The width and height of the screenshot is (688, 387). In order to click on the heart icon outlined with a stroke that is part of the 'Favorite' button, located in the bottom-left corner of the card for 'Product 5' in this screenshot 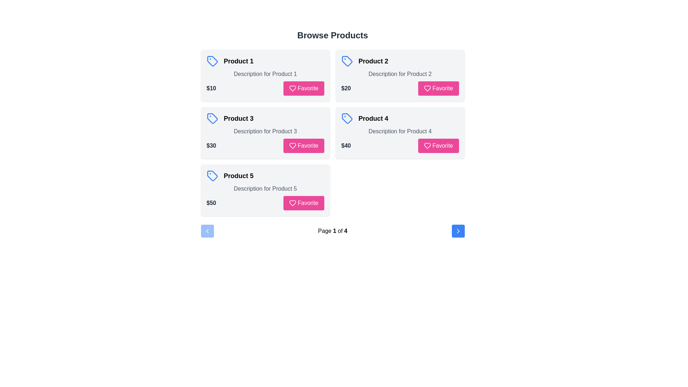, I will do `click(292, 203)`.